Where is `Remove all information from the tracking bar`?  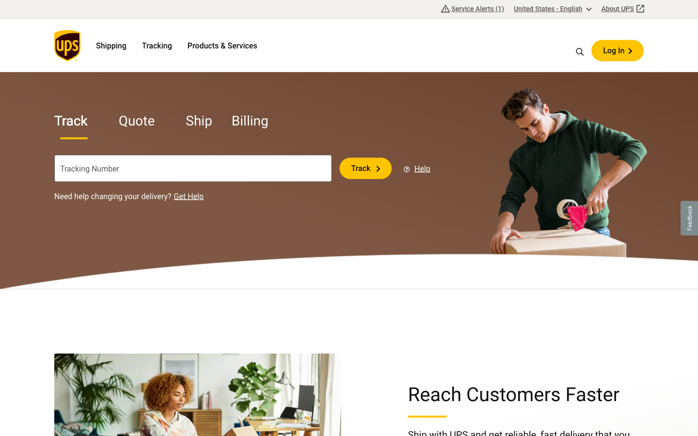
Remove all information from the tracking bar is located at coordinates (286, 168).